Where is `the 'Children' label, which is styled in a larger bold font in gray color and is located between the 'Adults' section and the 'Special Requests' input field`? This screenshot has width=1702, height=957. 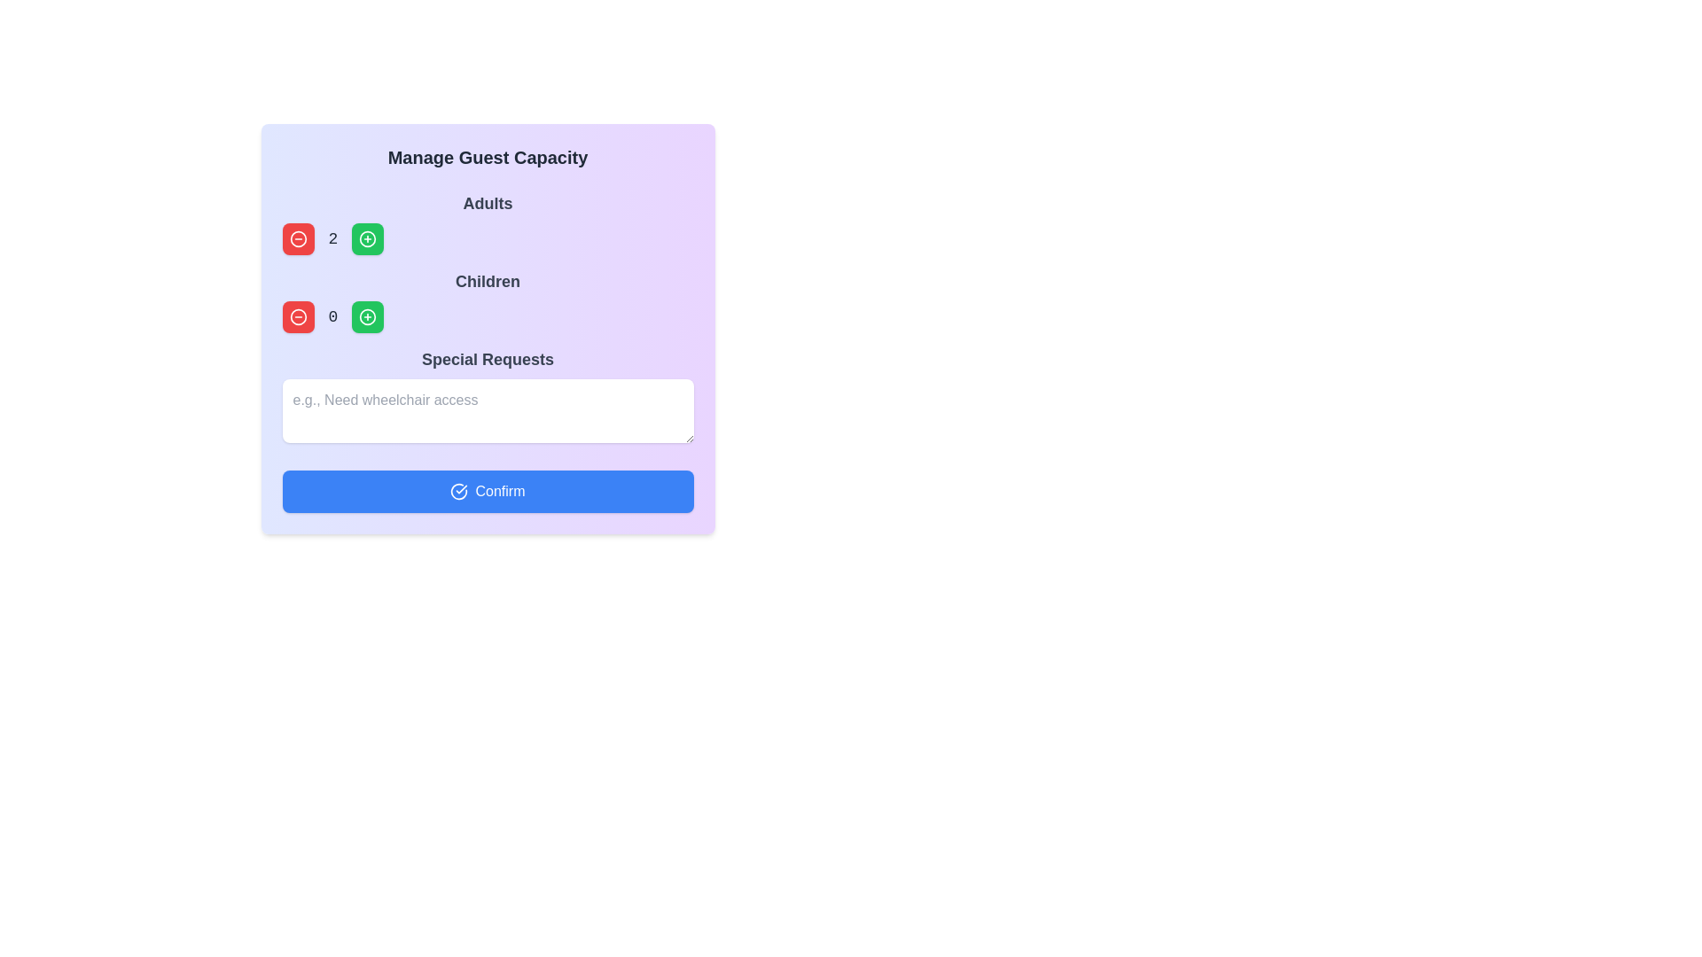
the 'Children' label, which is styled in a larger bold font in gray color and is located between the 'Adults' section and the 'Special Requests' input field is located at coordinates (488, 280).